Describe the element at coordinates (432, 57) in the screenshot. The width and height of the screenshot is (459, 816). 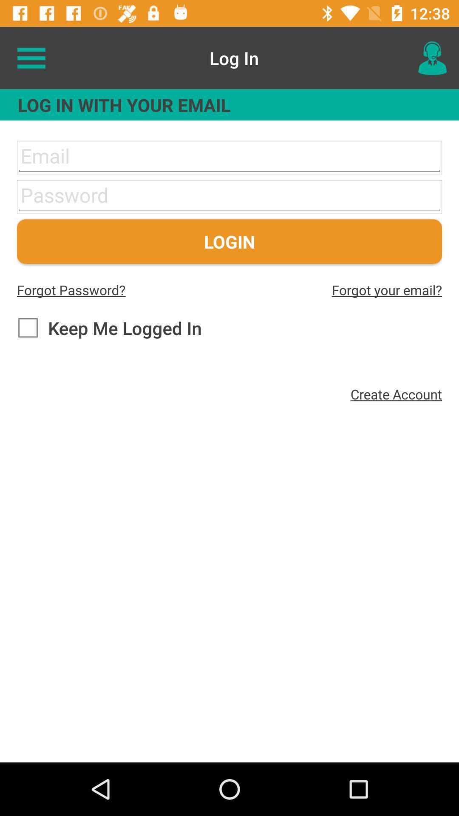
I see `item next to the log in icon` at that location.